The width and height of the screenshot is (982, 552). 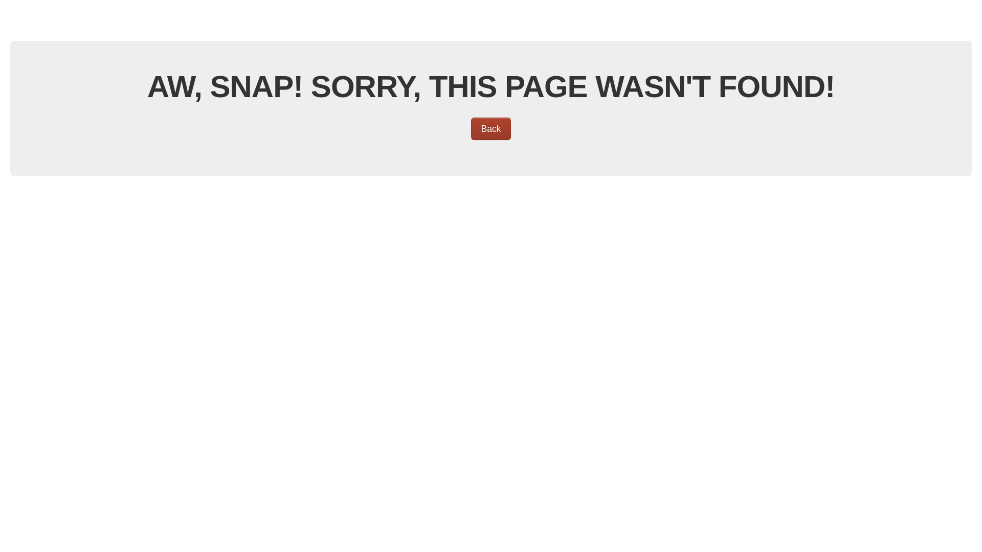 What do you see at coordinates (491, 128) in the screenshot?
I see `'Back'` at bounding box center [491, 128].